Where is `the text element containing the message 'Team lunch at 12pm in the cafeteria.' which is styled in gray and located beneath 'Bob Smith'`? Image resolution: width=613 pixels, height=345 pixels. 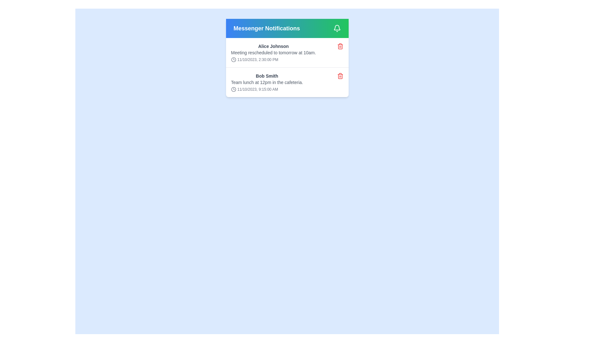 the text element containing the message 'Team lunch at 12pm in the cafeteria.' which is styled in gray and located beneath 'Bob Smith' is located at coordinates (267, 82).